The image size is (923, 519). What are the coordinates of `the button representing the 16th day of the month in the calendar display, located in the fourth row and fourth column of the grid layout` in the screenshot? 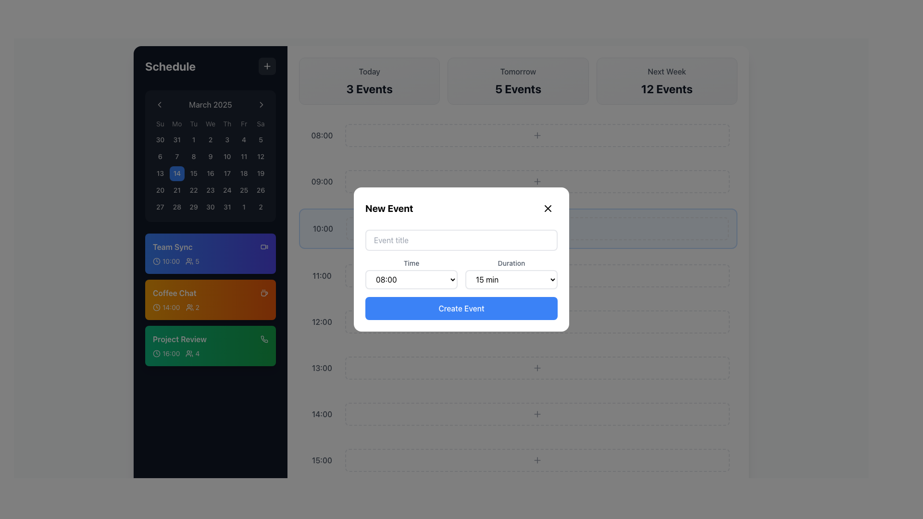 It's located at (210, 173).